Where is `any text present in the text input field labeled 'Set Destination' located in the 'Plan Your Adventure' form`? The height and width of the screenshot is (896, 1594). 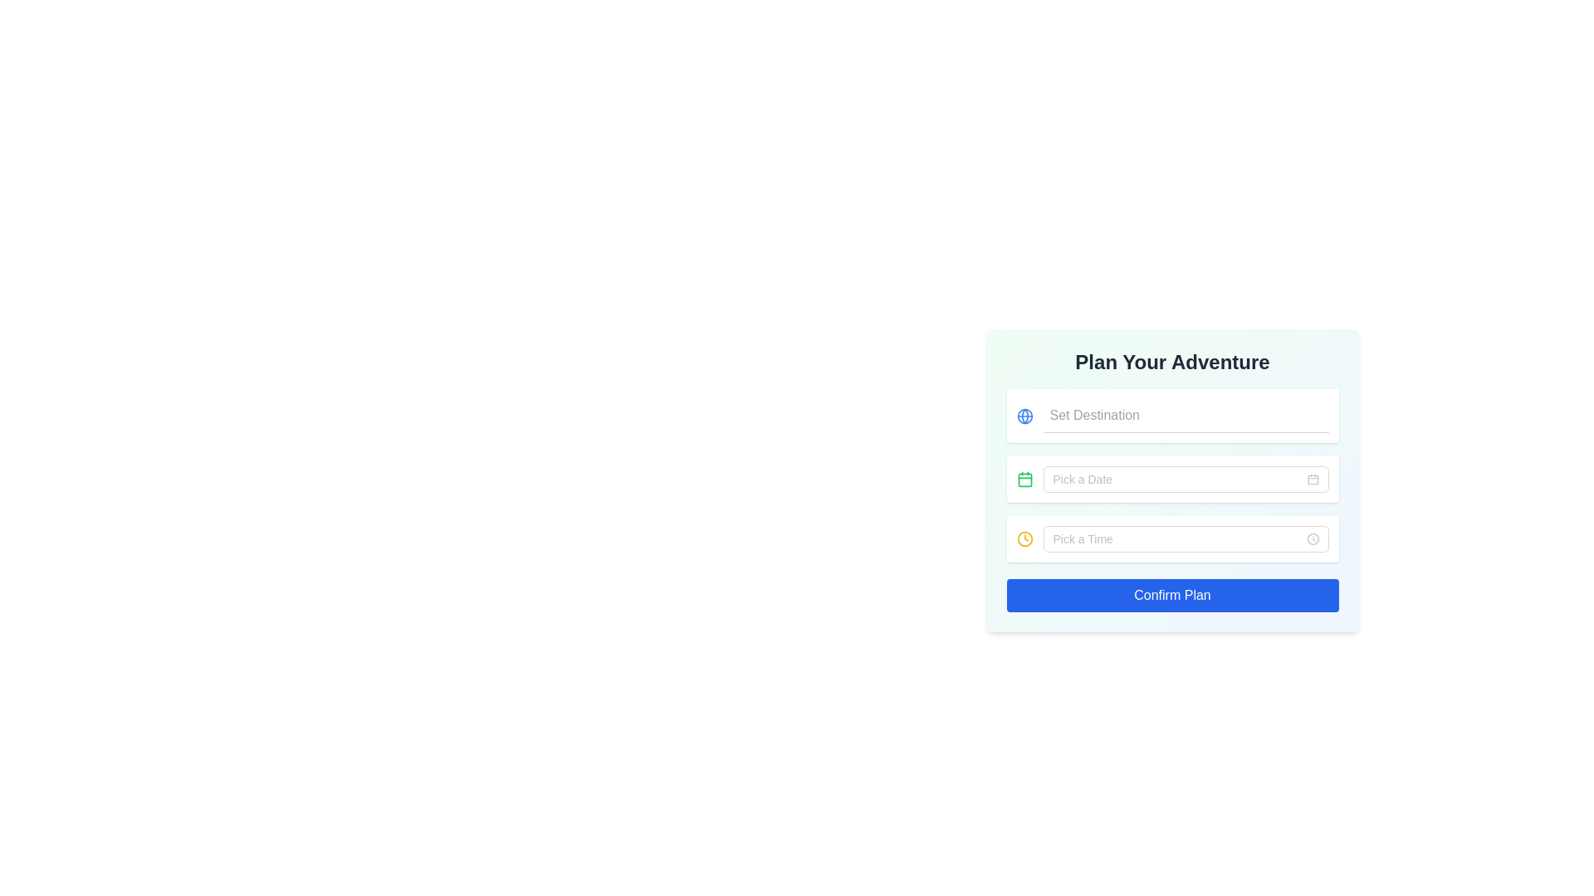 any text present in the text input field labeled 'Set Destination' located in the 'Plan Your Adventure' form is located at coordinates (1185, 415).